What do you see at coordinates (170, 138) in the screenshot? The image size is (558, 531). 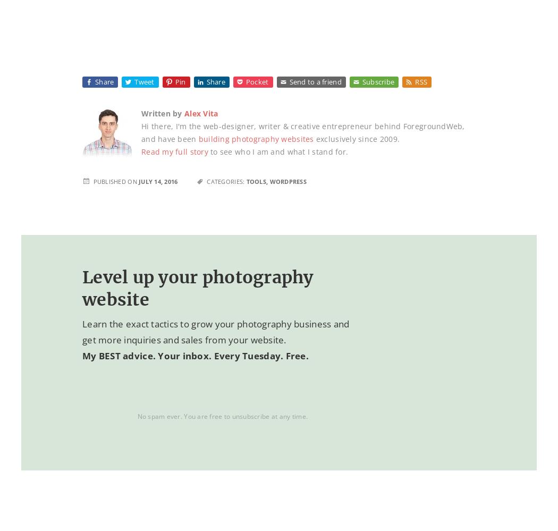 I see `'and have been'` at bounding box center [170, 138].